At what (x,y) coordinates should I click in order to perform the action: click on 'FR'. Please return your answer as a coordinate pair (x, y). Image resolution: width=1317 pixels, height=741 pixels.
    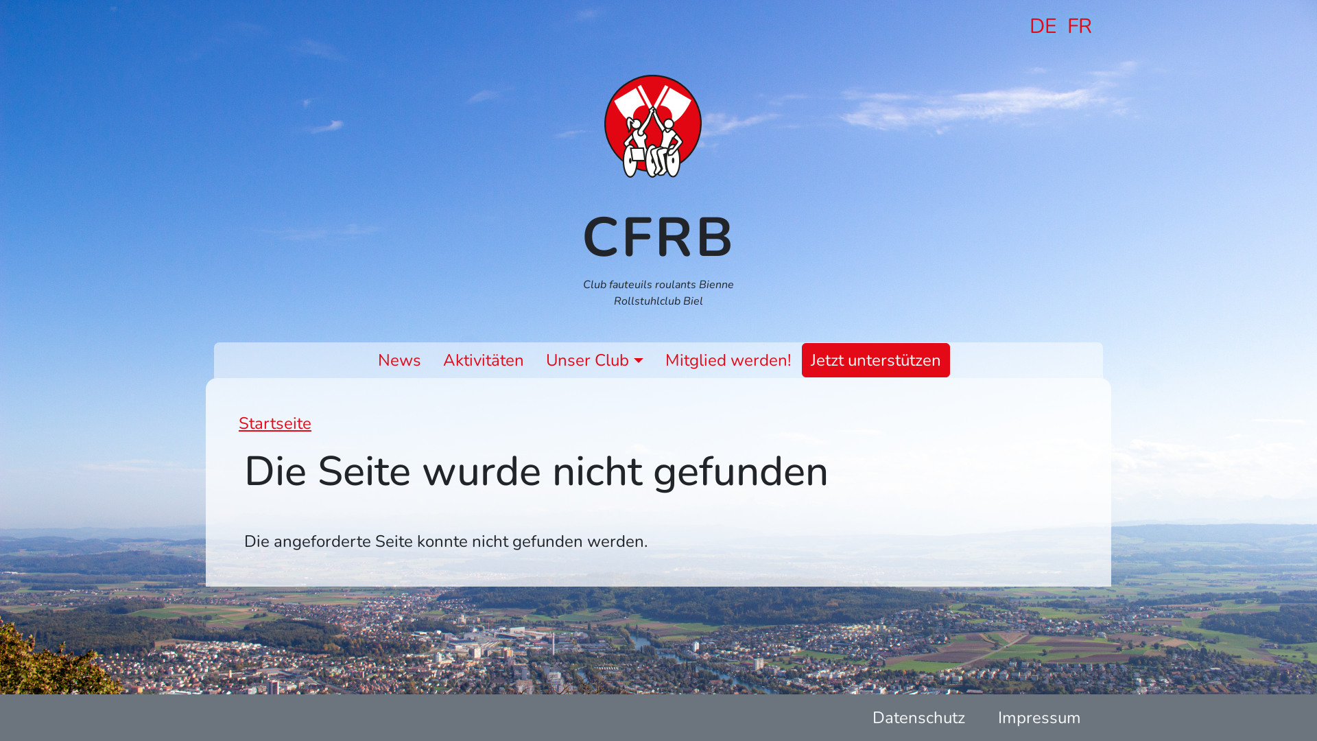
    Looking at the image, I should click on (1079, 26).